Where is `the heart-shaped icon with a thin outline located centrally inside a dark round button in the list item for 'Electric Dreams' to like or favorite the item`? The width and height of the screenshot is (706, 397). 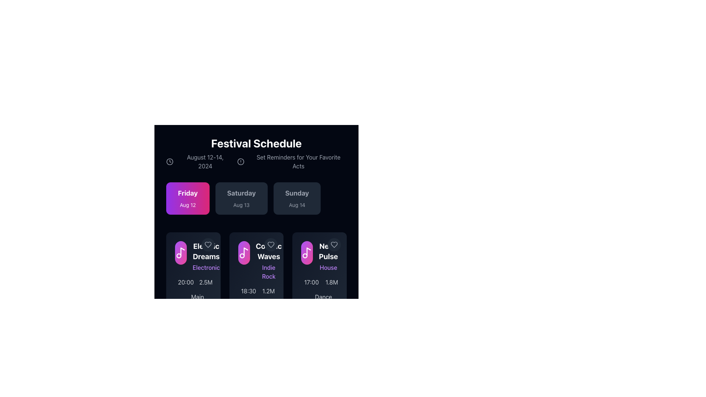 the heart-shaped icon with a thin outline located centrally inside a dark round button in the list item for 'Electric Dreams' to like or favorite the item is located at coordinates (207, 245).